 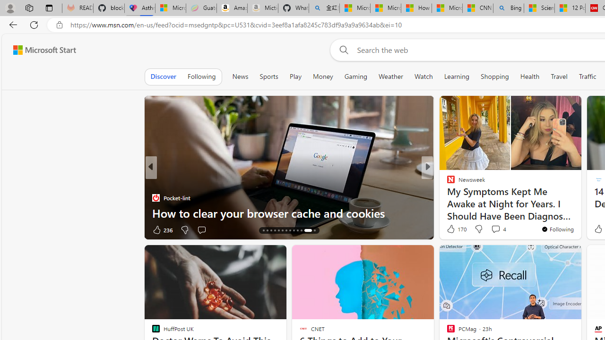 I want to click on 'CNN - MSN', so click(x=478, y=8).